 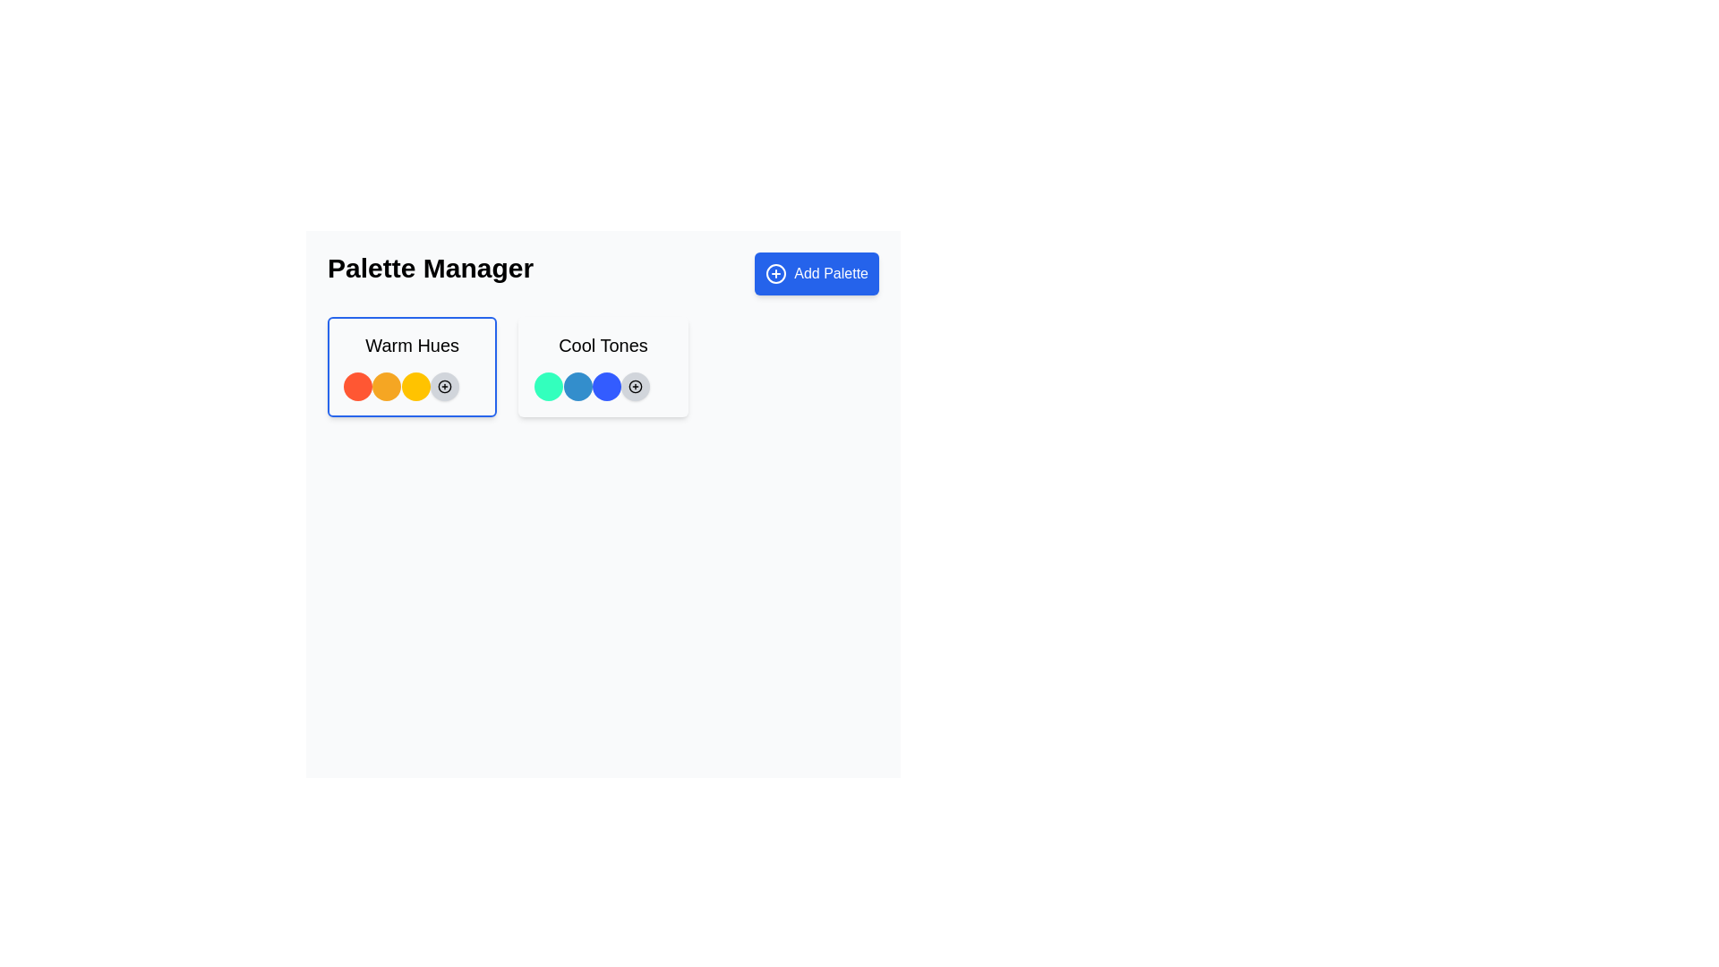 What do you see at coordinates (776, 273) in the screenshot?
I see `the circular blue icon with a plus sign, located to the left of the 'Add Palette' text within a blue button in the top-right area of the interface` at bounding box center [776, 273].